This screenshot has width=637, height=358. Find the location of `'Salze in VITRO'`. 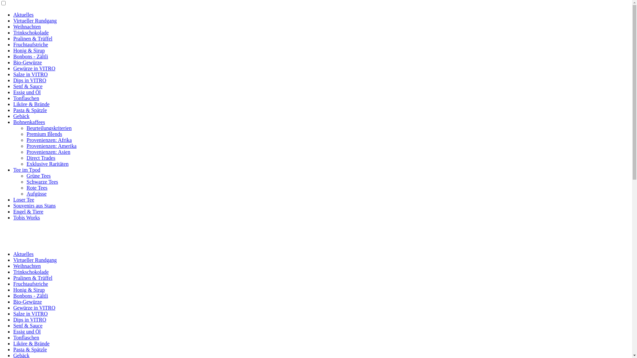

'Salze in VITRO' is located at coordinates (30, 313).